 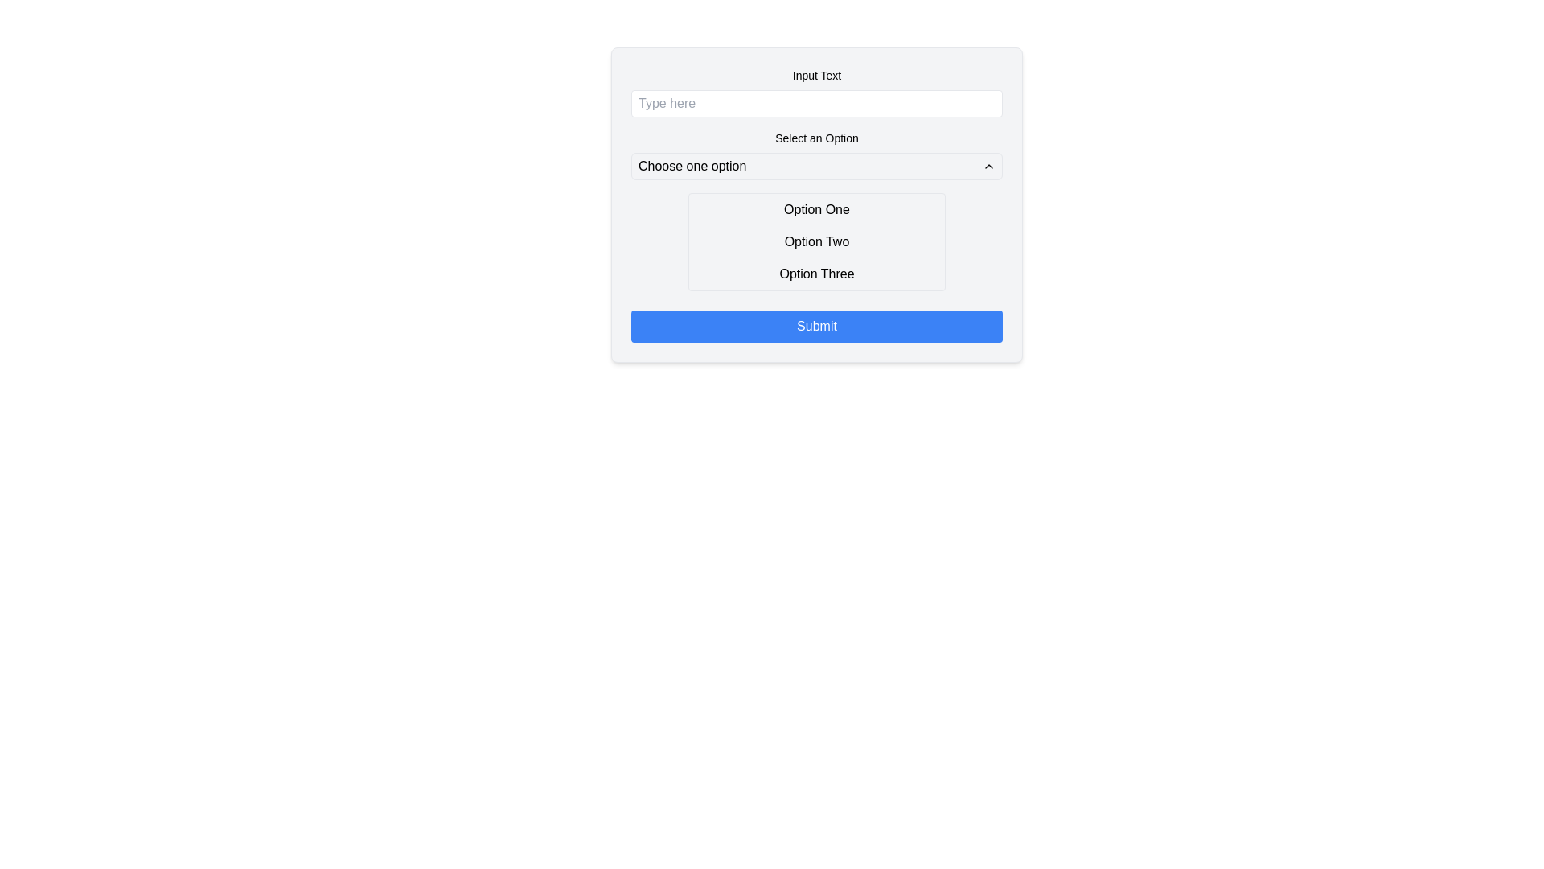 What do you see at coordinates (817, 138) in the screenshot?
I see `the text label that provides context for the dropdown menu, located below the 'Input Text' field and above the 'Choose one option' dropdown` at bounding box center [817, 138].